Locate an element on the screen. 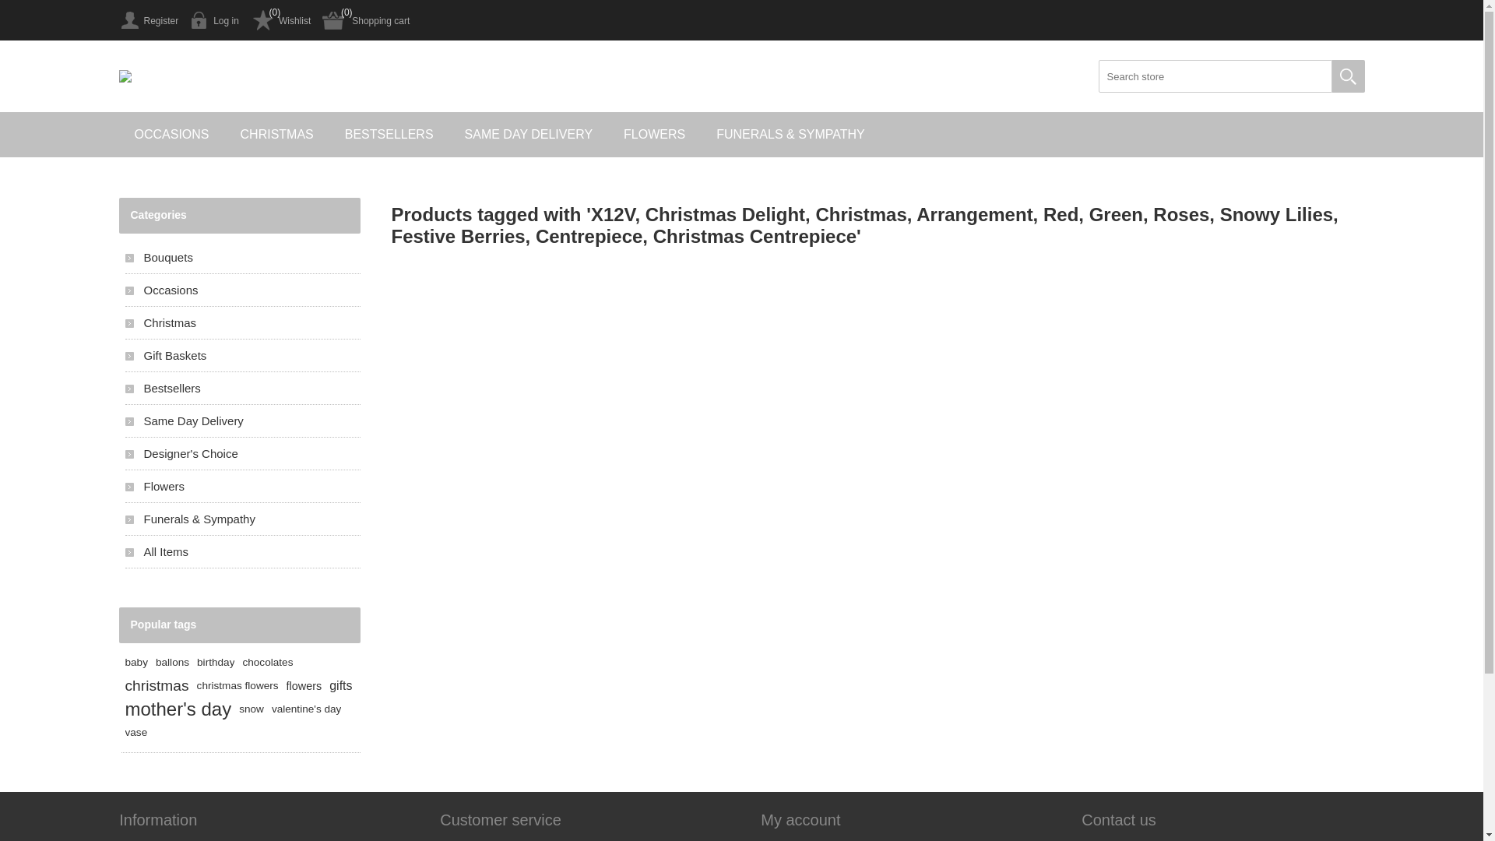  'SAME DAY DELIVERY' is located at coordinates (529, 134).